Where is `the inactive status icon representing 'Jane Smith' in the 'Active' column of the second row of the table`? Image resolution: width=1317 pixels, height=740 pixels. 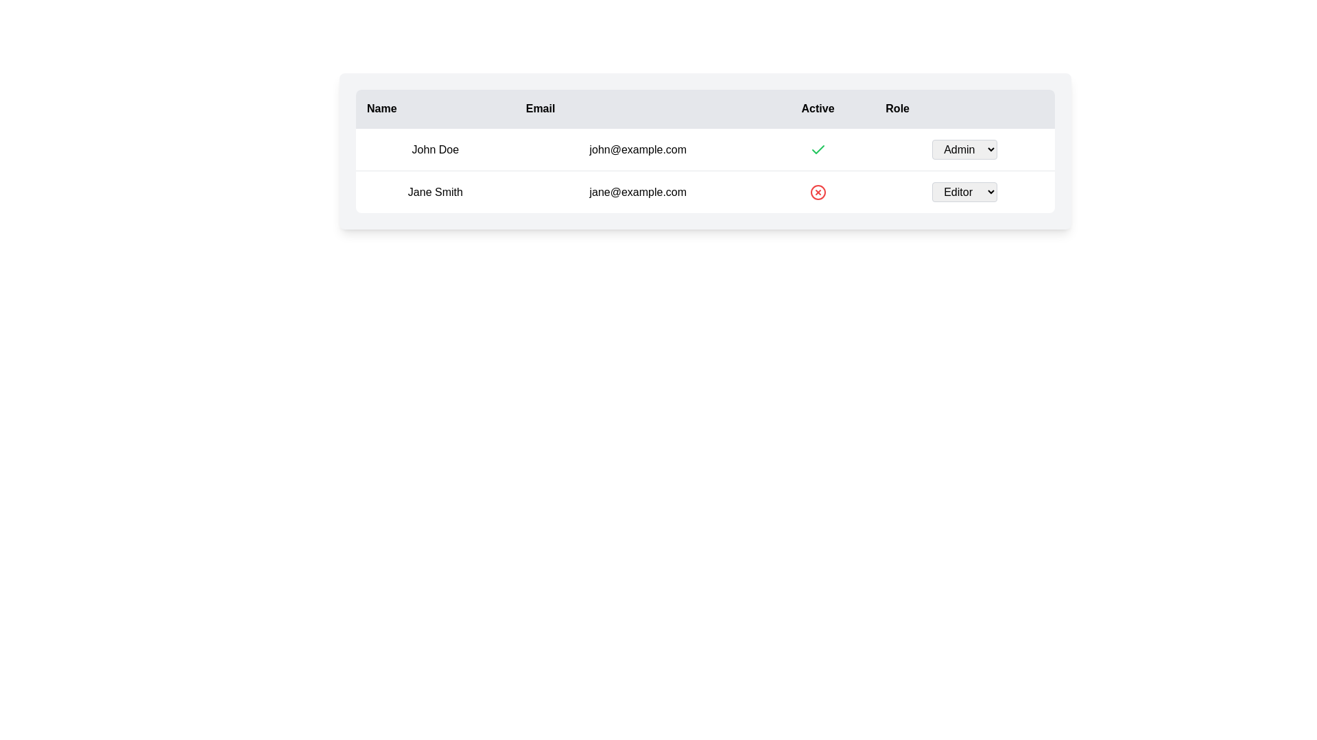 the inactive status icon representing 'Jane Smith' in the 'Active' column of the second row of the table is located at coordinates (818, 192).